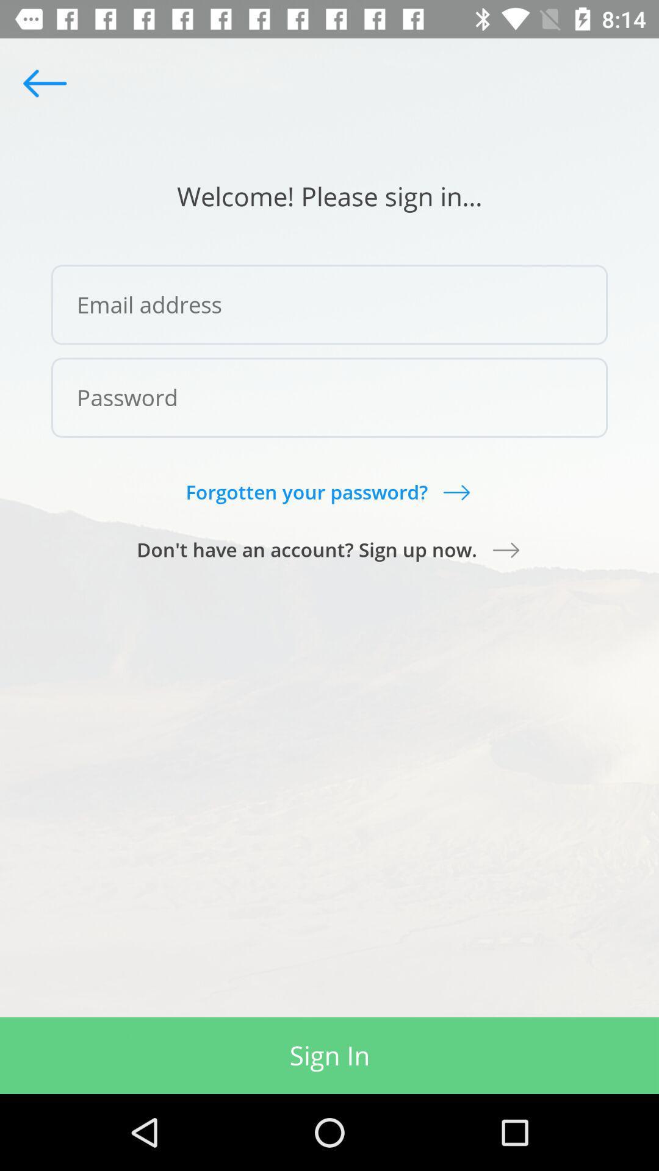  Describe the element at coordinates (44, 82) in the screenshot. I see `the icon at the top left corner` at that location.